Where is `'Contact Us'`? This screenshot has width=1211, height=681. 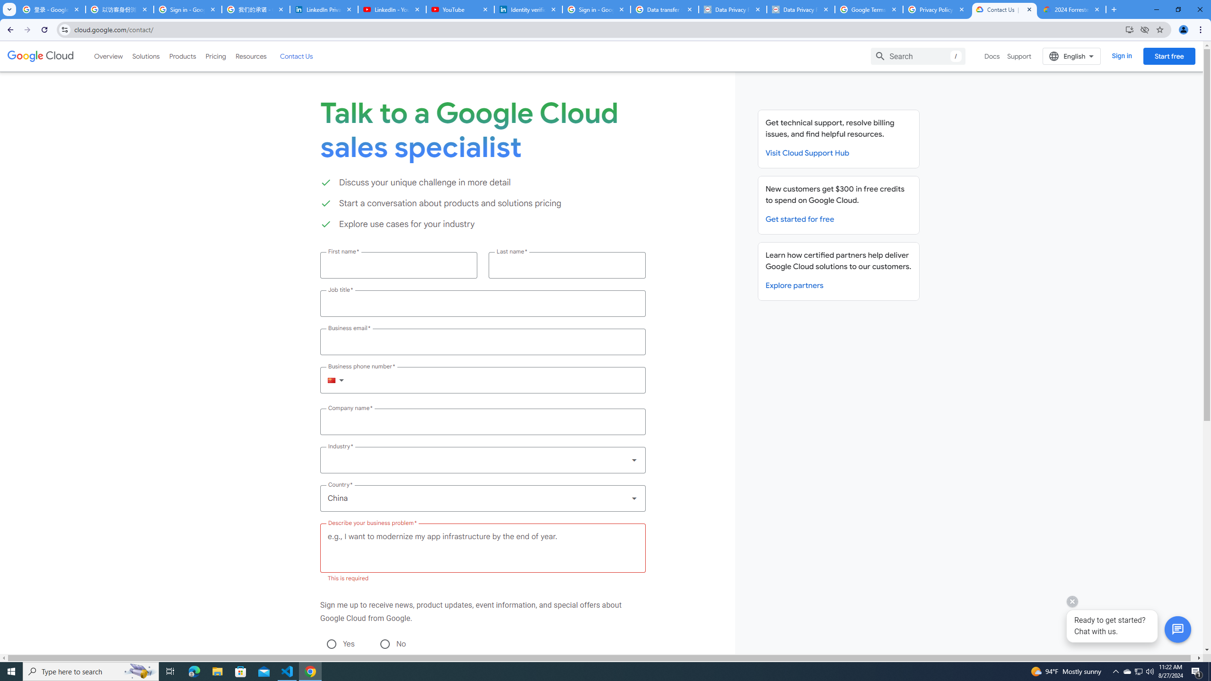
'Contact Us' is located at coordinates (295, 56).